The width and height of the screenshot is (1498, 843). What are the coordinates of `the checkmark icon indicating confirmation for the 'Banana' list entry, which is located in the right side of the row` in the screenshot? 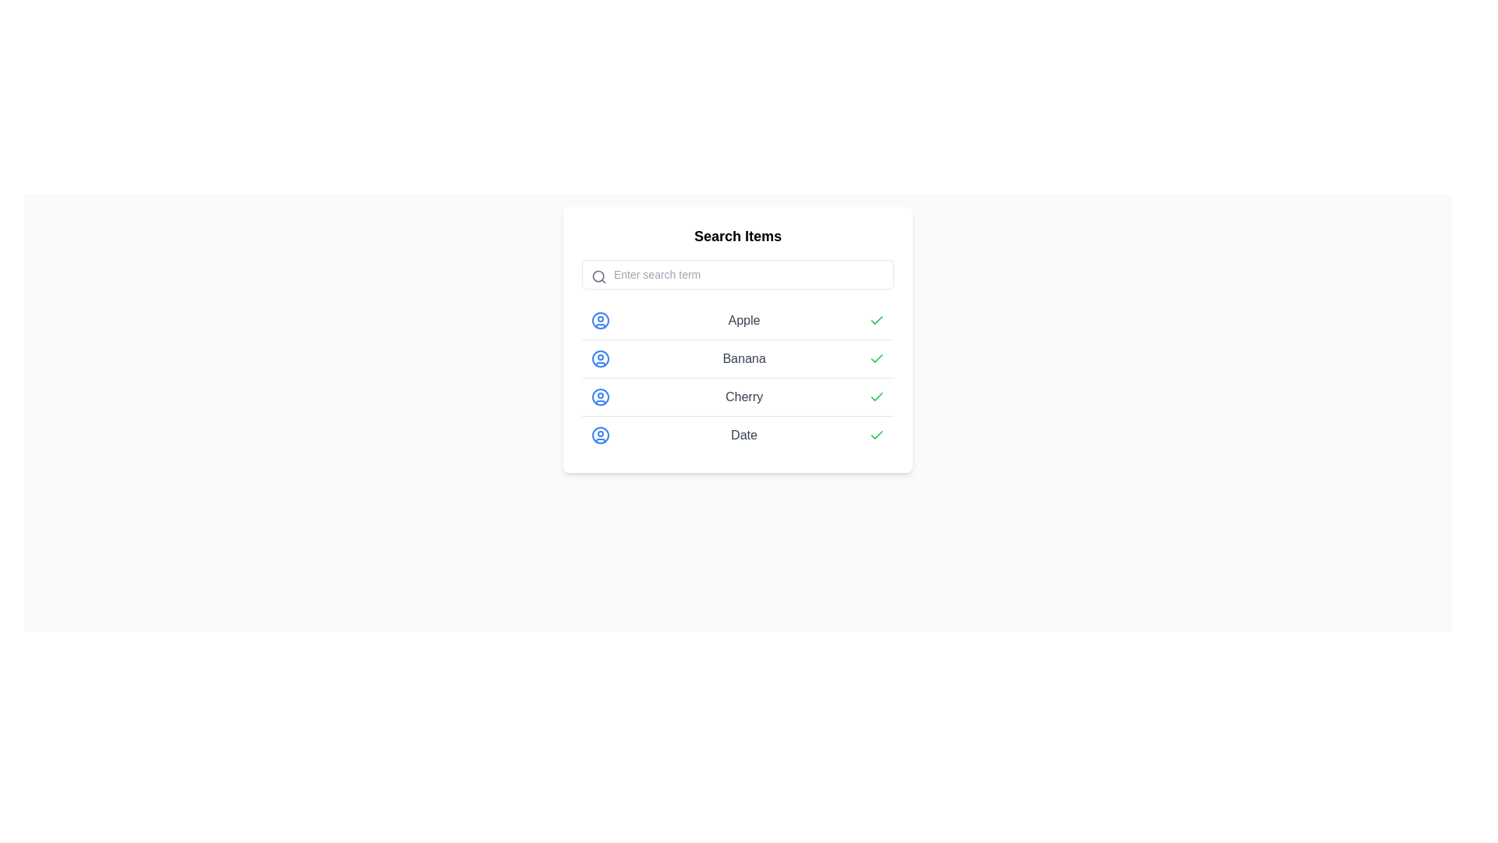 It's located at (876, 358).